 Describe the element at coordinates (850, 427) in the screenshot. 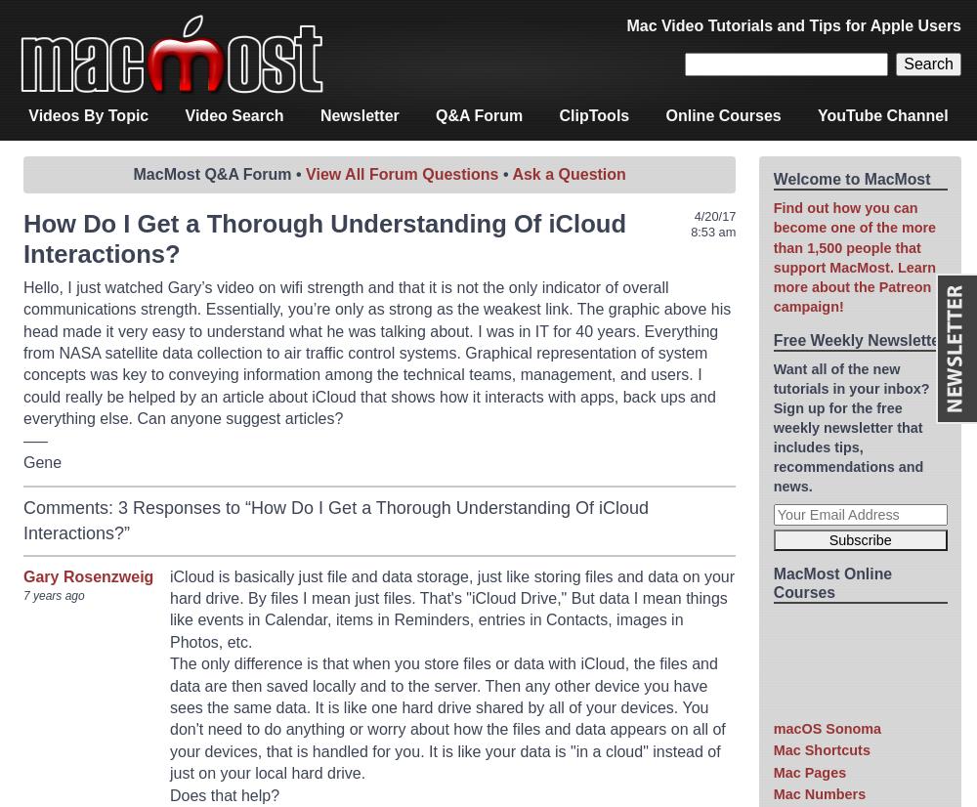

I see `'Want all of the new tutorials in your inbox? Sign up for the free weekly newsletter that includes tips, recommendations and news.'` at that location.